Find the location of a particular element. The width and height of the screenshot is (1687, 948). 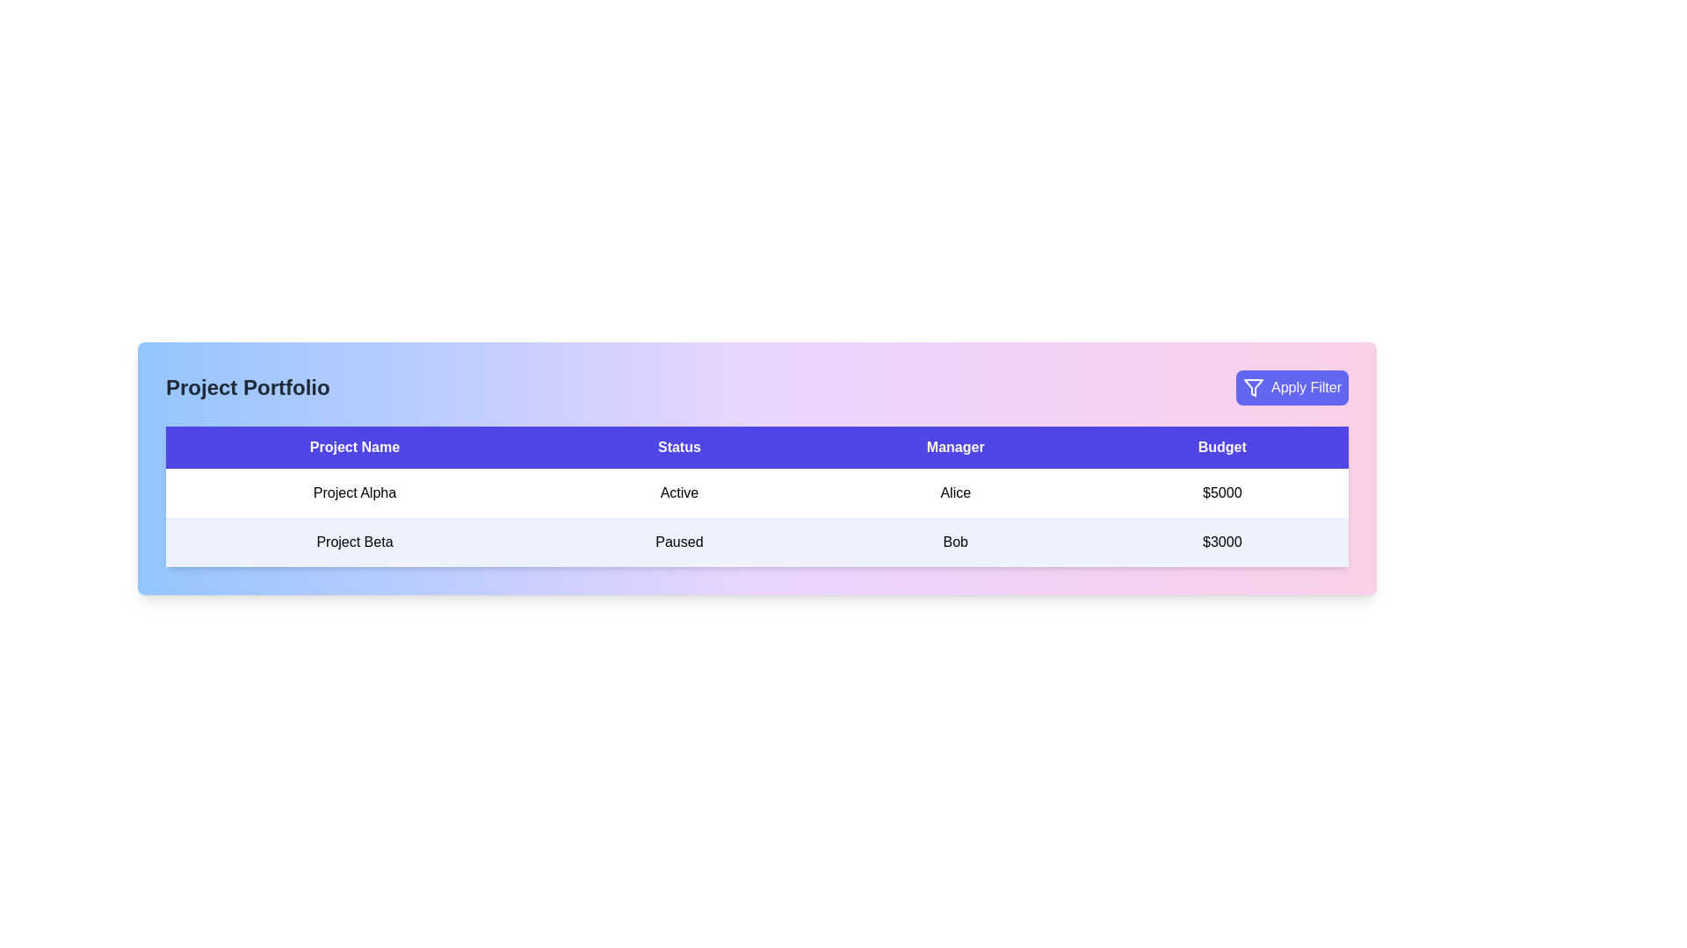

the text label displaying 'Active' in the 'Status' column of the project details table is located at coordinates (678, 493).